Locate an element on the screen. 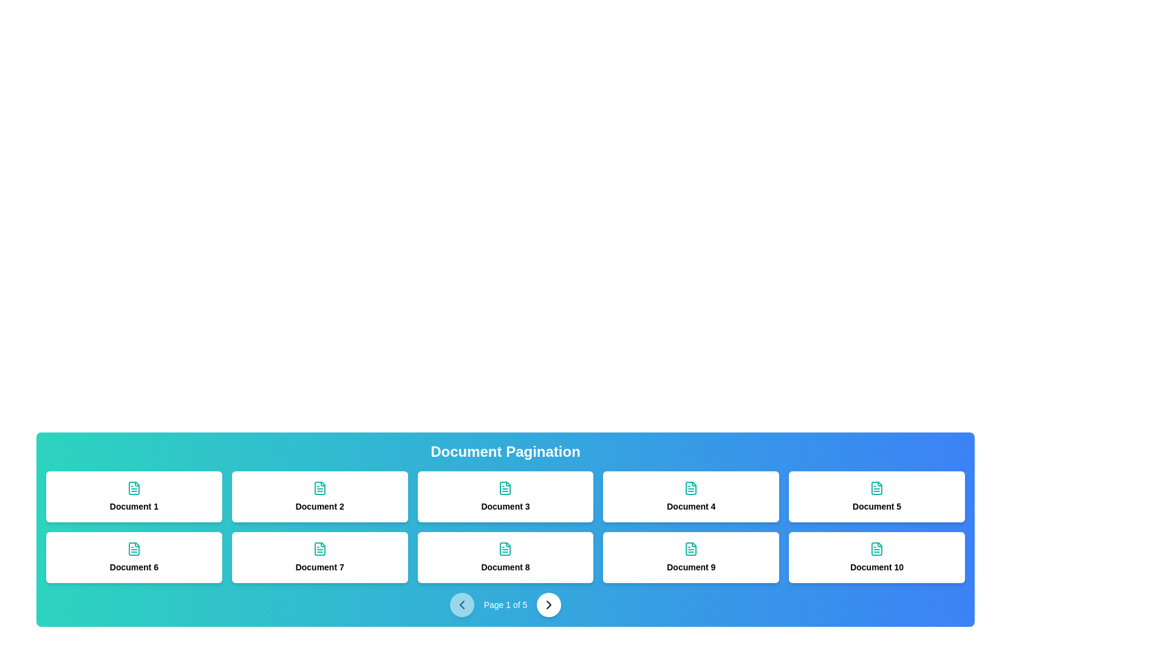 Image resolution: width=1166 pixels, height=656 pixels. the document icon centered within the card labeled 'Document 5' located in the top-right corner of the document grid is located at coordinates (877, 487).